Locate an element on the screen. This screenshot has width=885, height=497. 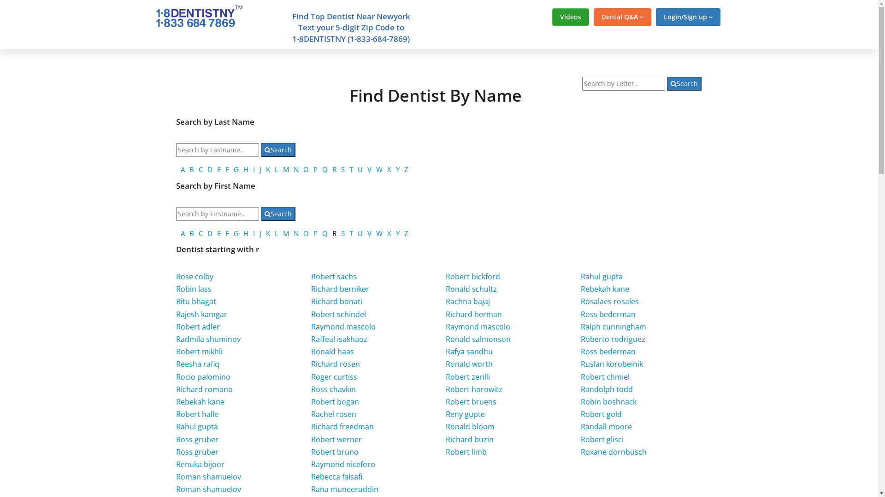
'Rahul gupta' is located at coordinates (196, 426).